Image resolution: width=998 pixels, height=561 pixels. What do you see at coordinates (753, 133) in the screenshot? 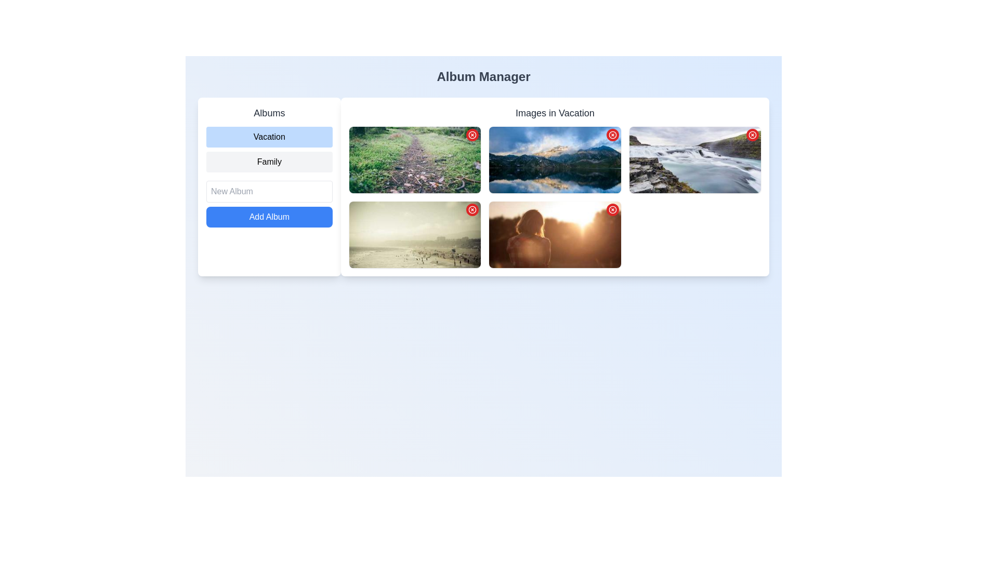
I see `the circular button located` at bounding box center [753, 133].